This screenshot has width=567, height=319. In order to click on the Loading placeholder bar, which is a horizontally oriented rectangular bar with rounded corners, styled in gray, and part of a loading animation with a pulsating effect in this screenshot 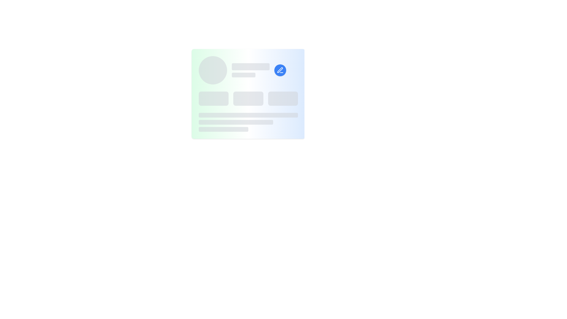, I will do `click(223, 129)`.